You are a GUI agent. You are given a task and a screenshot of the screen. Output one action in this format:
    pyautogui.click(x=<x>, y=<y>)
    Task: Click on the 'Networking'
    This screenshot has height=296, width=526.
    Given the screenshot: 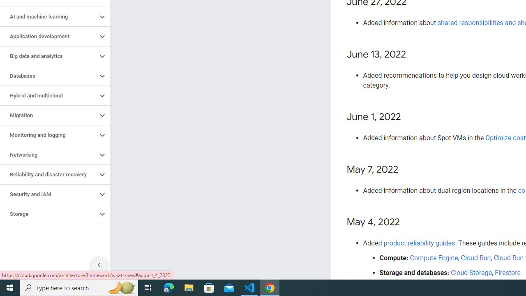 What is the action you would take?
    pyautogui.click(x=48, y=155)
    